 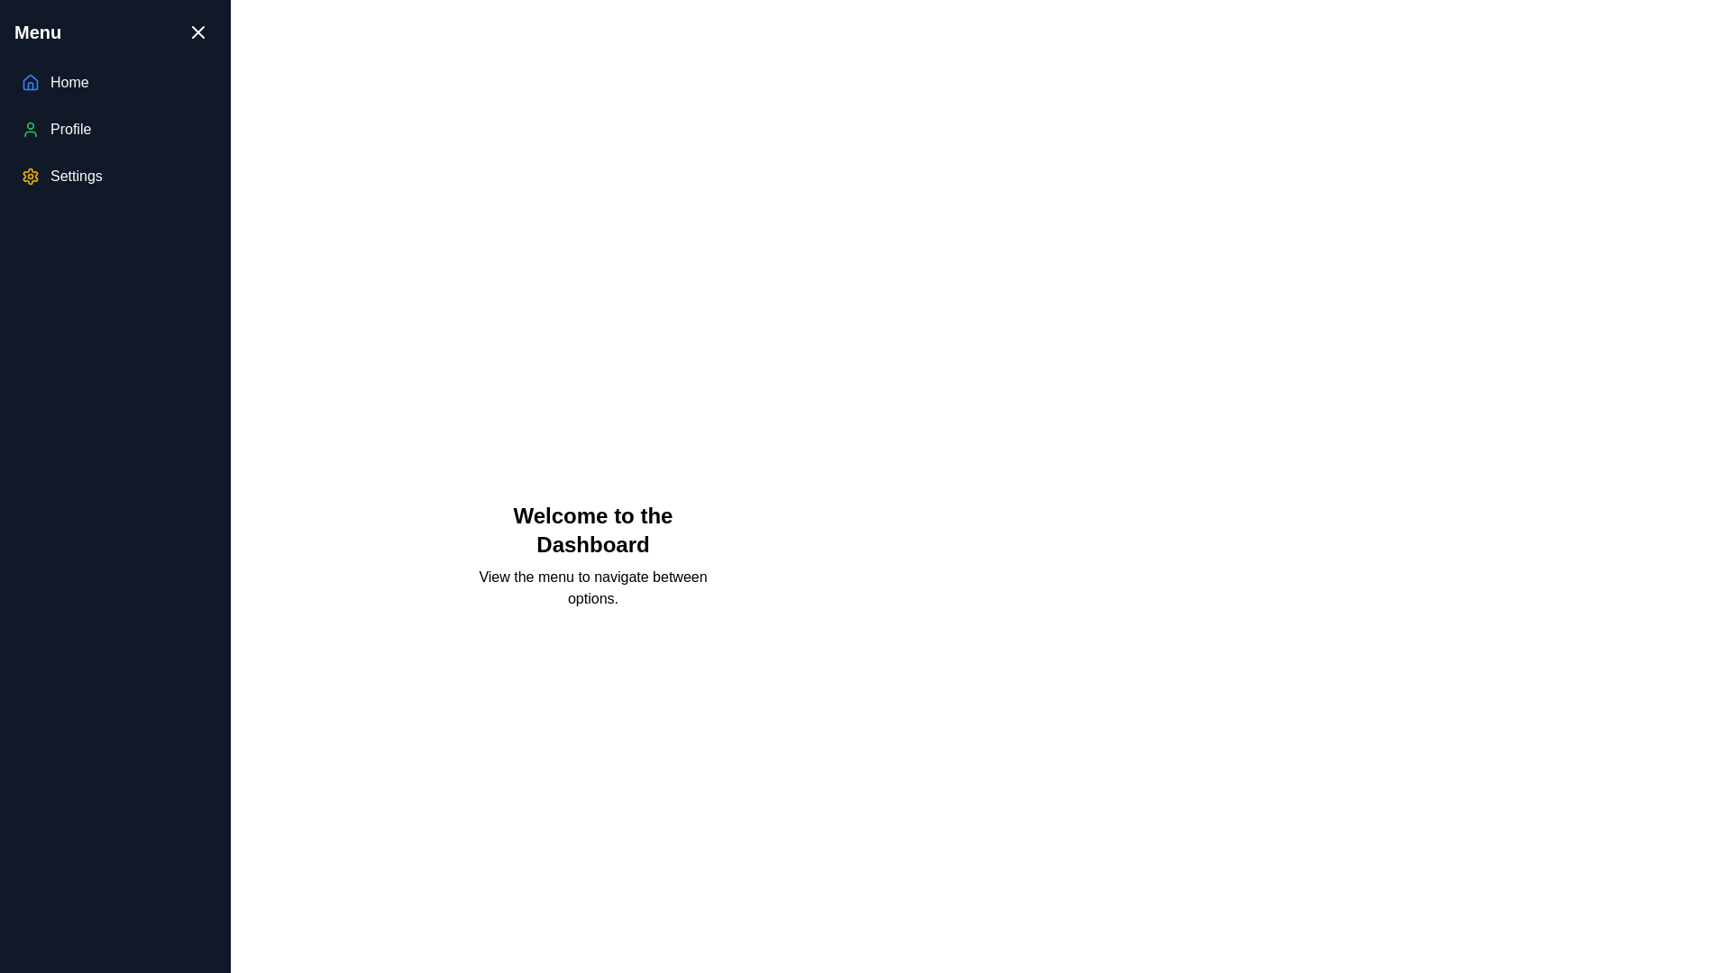 What do you see at coordinates (70, 128) in the screenshot?
I see `the 'Profile' text label located in the vertical navigation menu` at bounding box center [70, 128].